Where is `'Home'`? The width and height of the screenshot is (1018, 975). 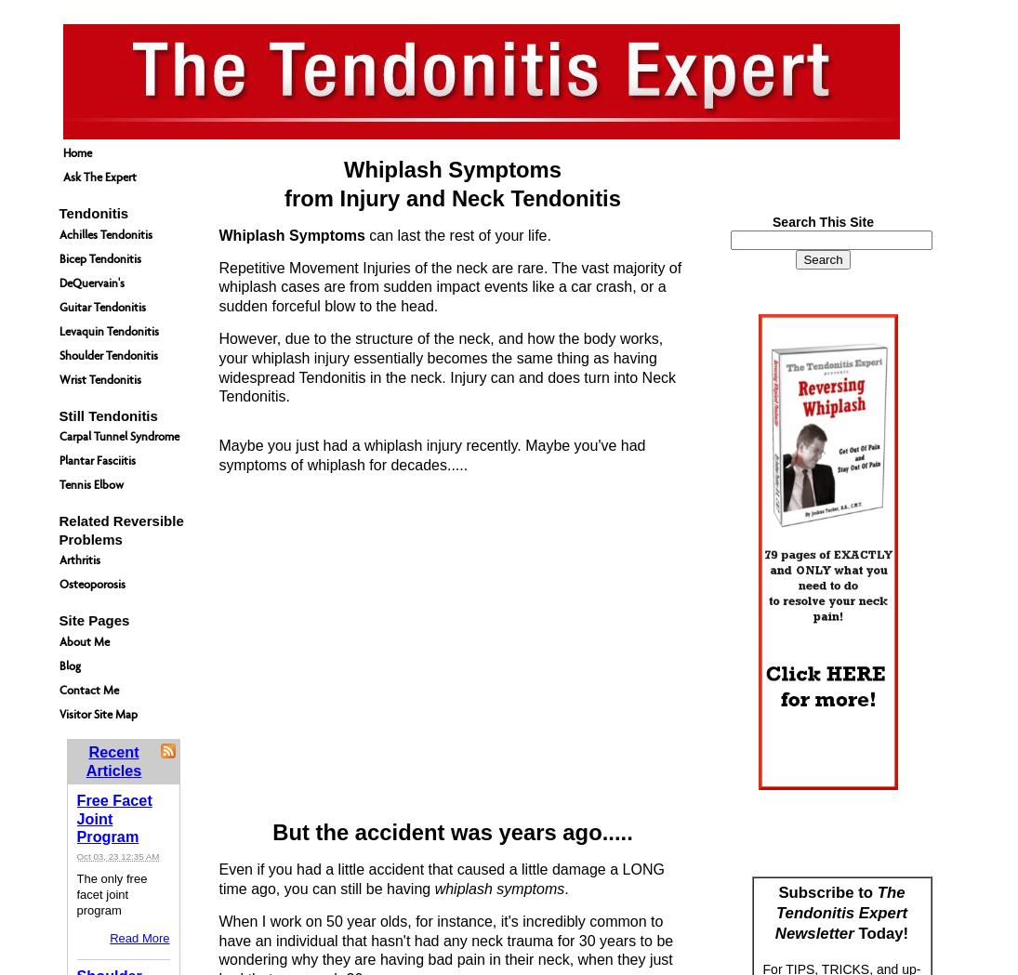 'Home' is located at coordinates (75, 152).